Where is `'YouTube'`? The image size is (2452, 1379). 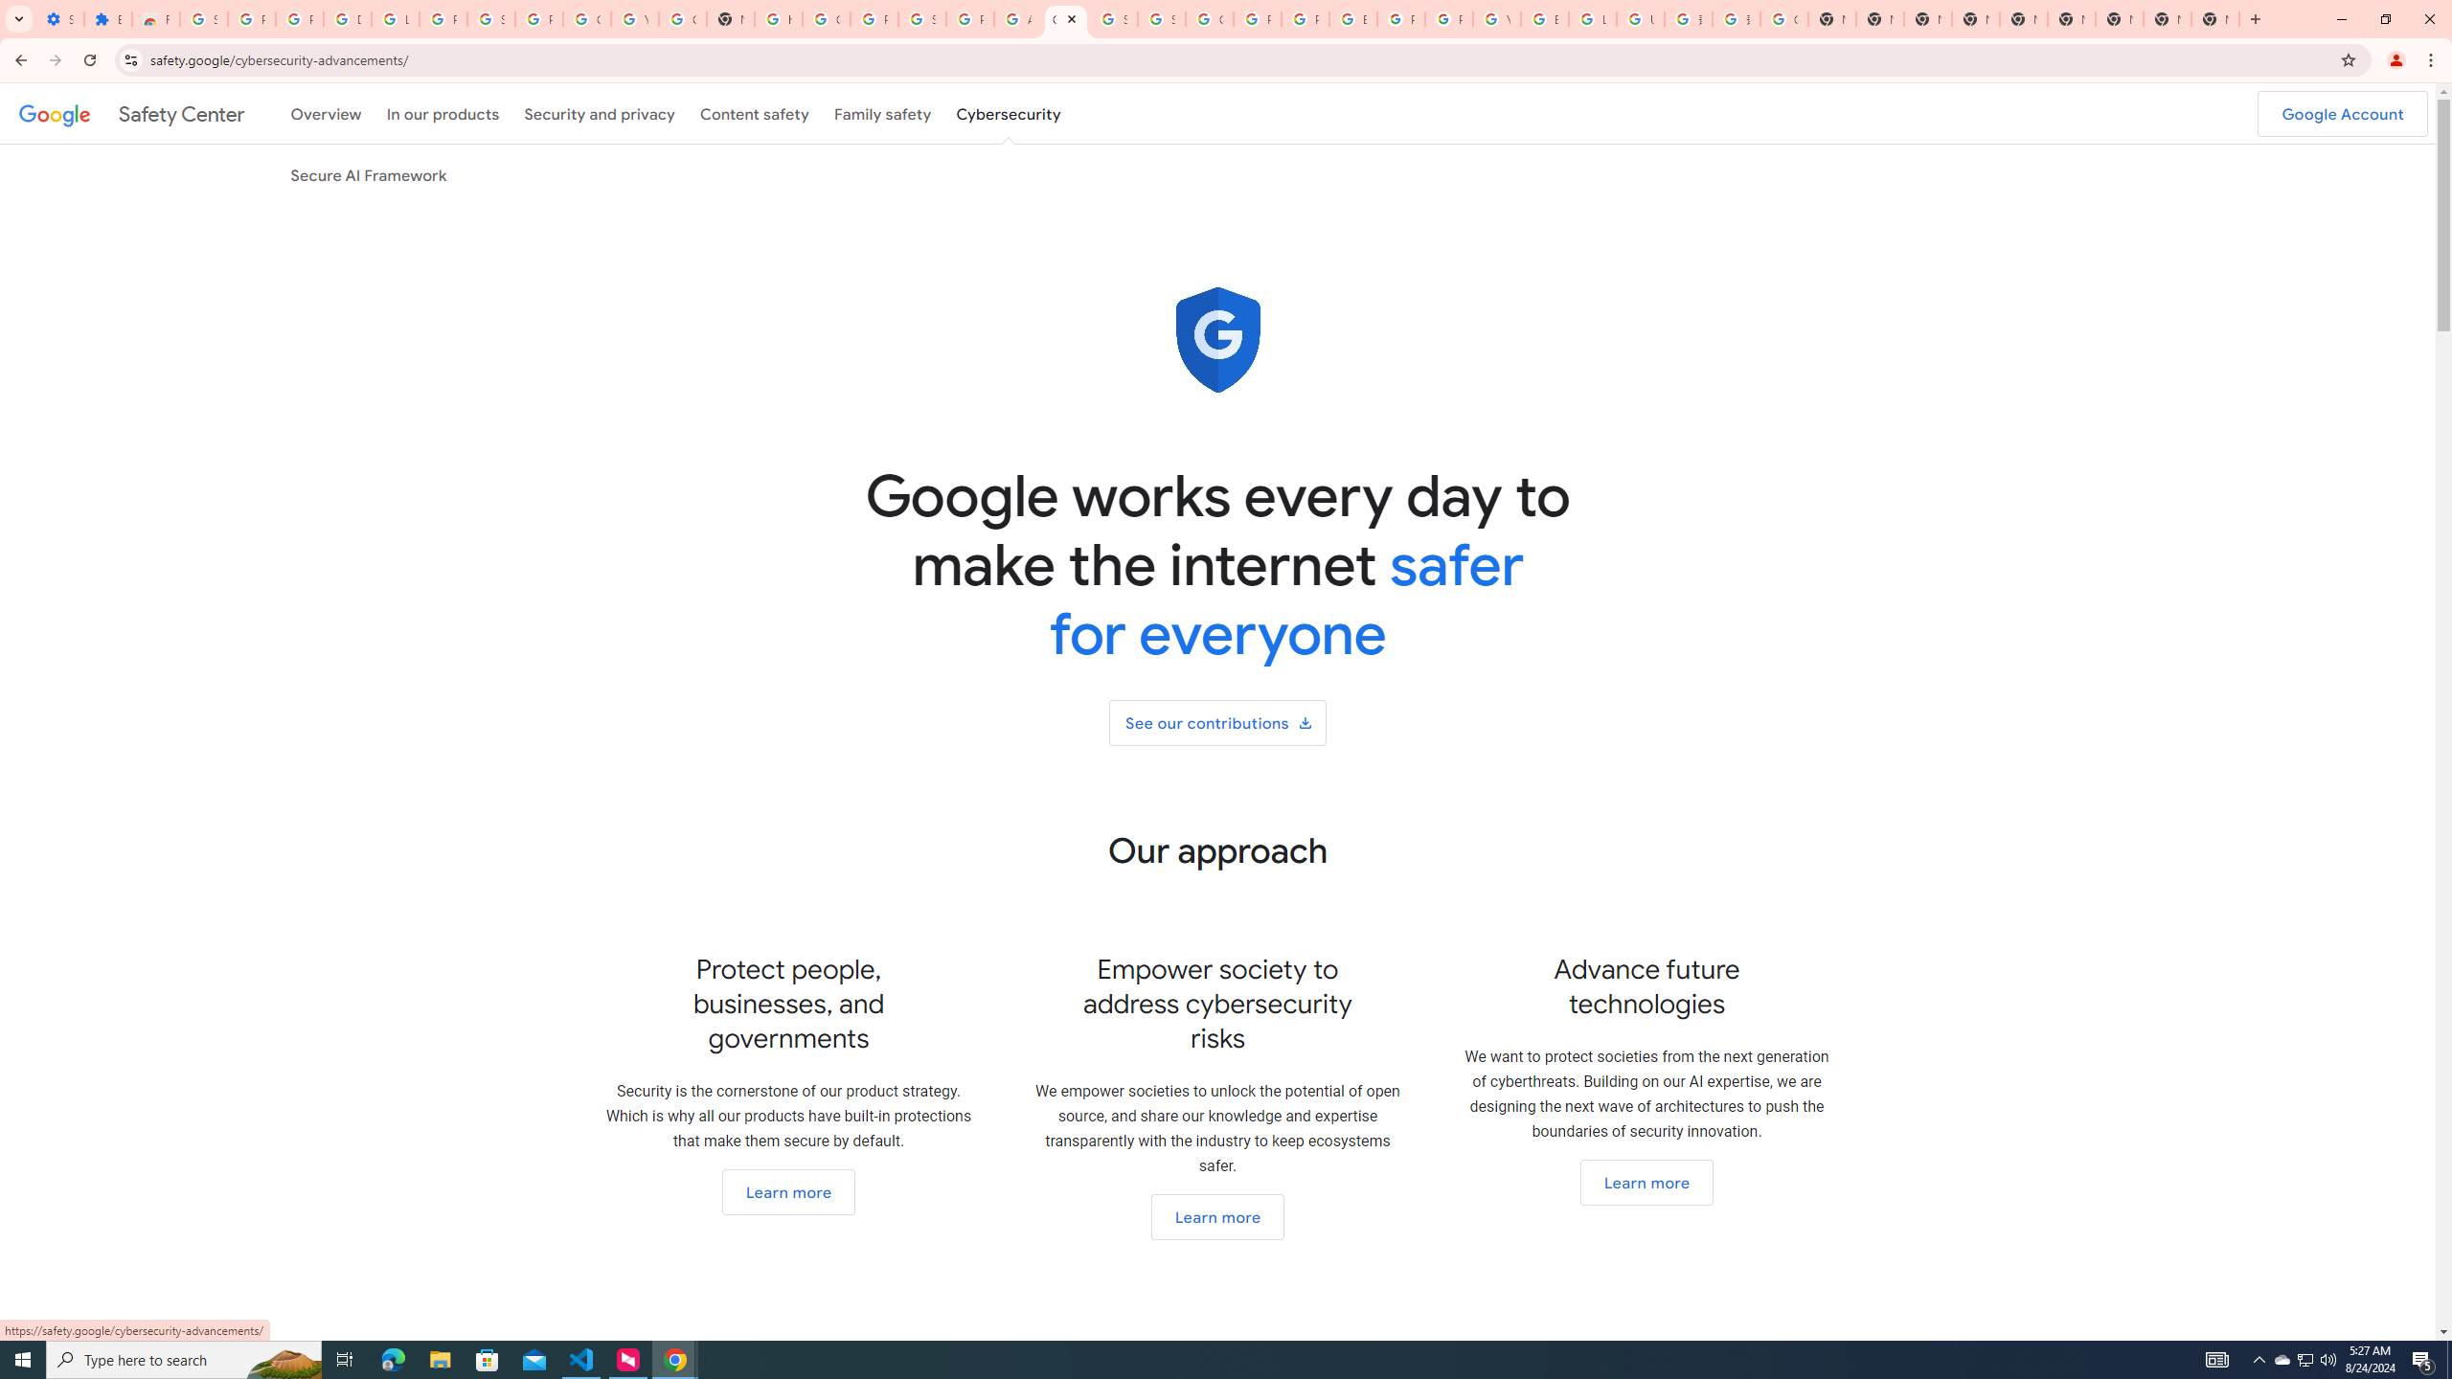 'YouTube' is located at coordinates (1495, 18).